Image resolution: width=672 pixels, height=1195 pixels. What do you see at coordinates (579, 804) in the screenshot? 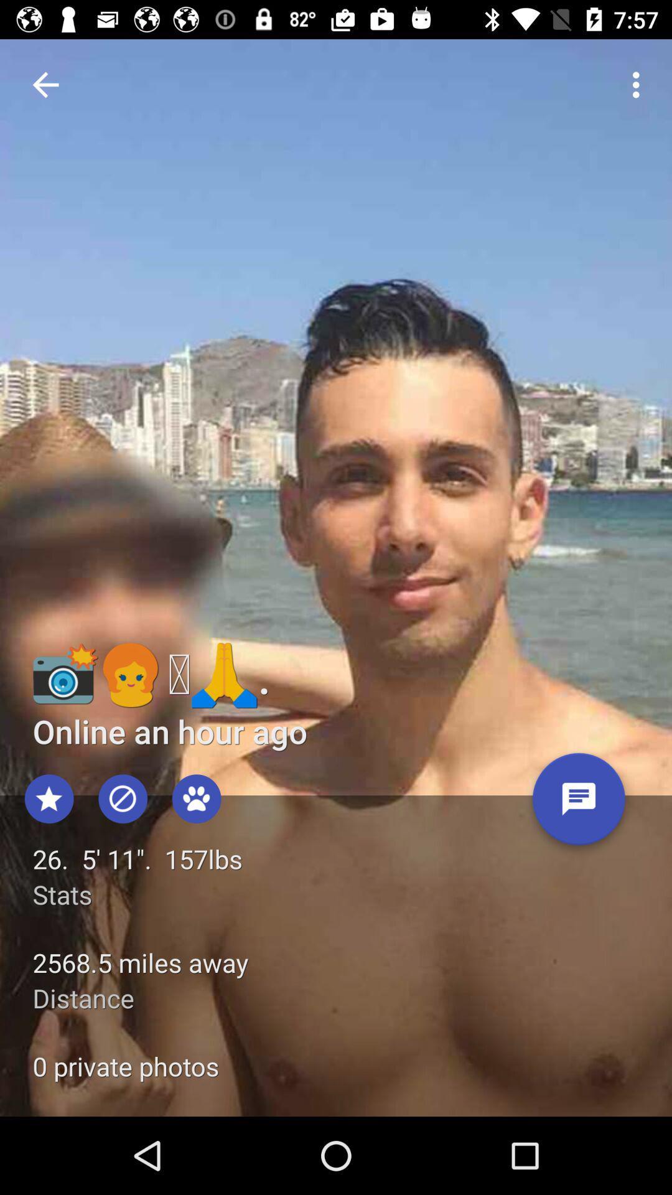
I see `messages` at bounding box center [579, 804].